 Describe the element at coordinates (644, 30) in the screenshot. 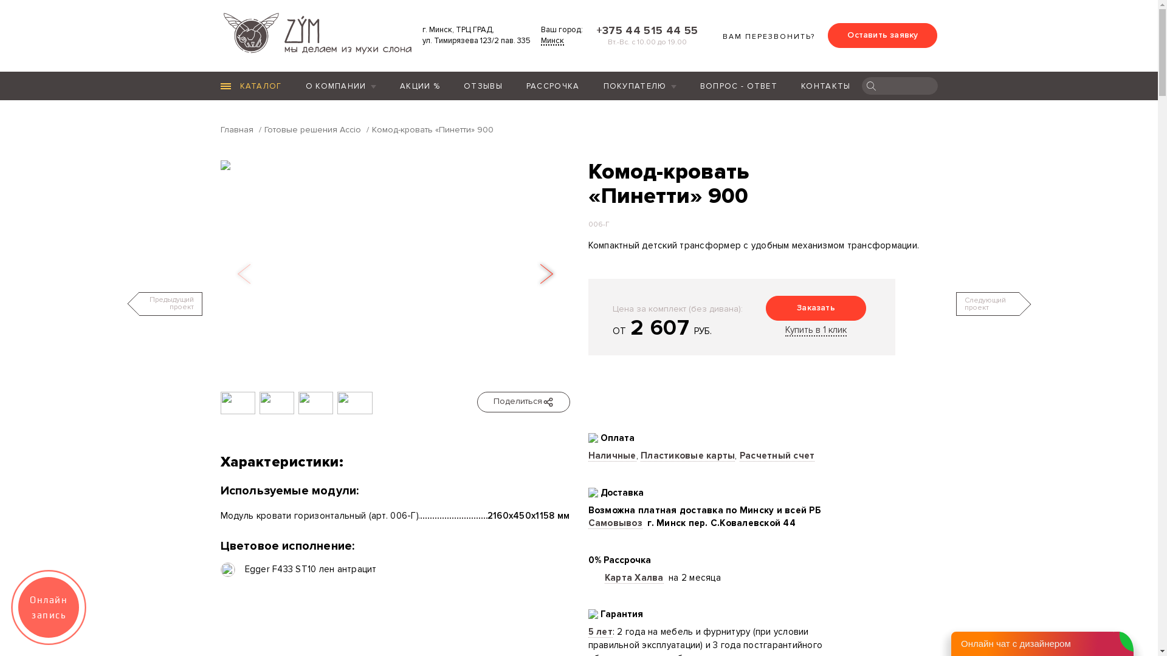

I see `'+375 44 515 44 55'` at that location.